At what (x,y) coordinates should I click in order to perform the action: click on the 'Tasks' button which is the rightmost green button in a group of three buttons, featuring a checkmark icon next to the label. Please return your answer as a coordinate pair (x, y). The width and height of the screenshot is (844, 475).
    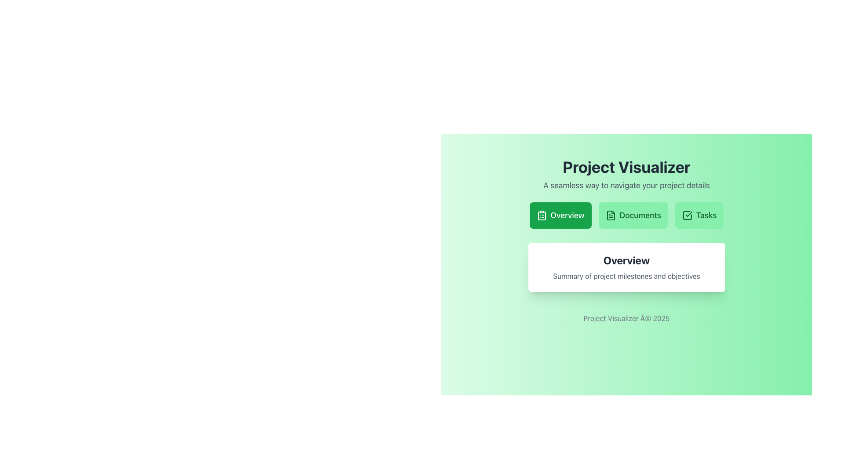
    Looking at the image, I should click on (687, 215).